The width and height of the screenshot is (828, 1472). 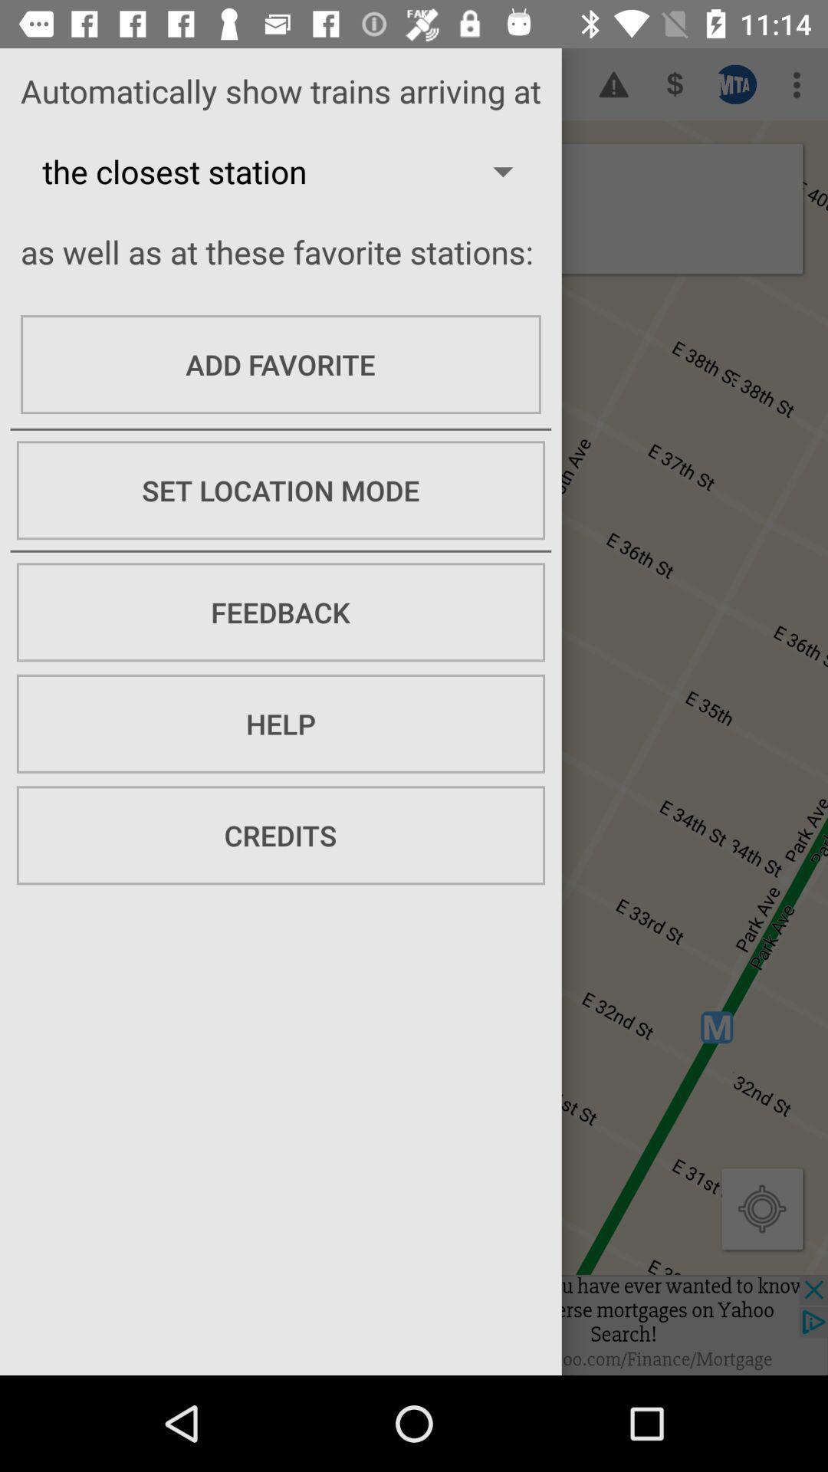 What do you see at coordinates (797, 84) in the screenshot?
I see `the more icon` at bounding box center [797, 84].